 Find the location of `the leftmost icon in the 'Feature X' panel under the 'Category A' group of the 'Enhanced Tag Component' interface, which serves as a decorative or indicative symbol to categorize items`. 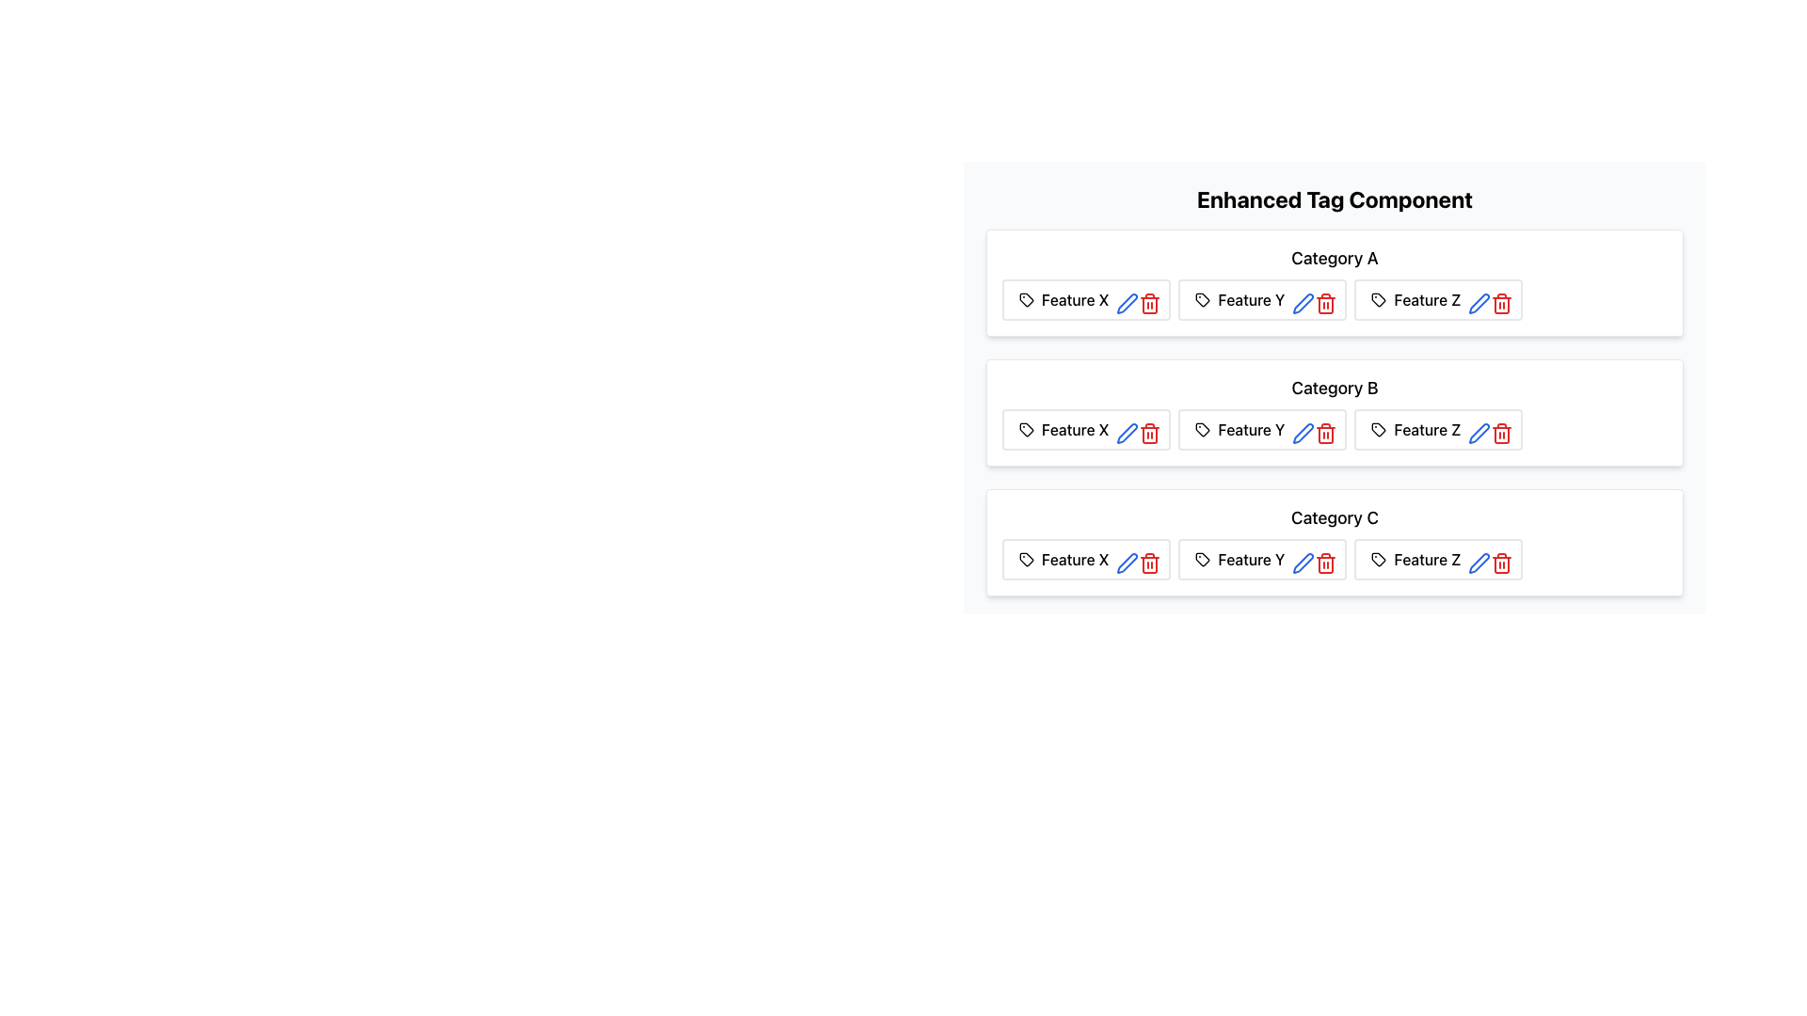

the leftmost icon in the 'Feature X' panel under the 'Category A' group of the 'Enhanced Tag Component' interface, which serves as a decorative or indicative symbol to categorize items is located at coordinates (1025, 299).